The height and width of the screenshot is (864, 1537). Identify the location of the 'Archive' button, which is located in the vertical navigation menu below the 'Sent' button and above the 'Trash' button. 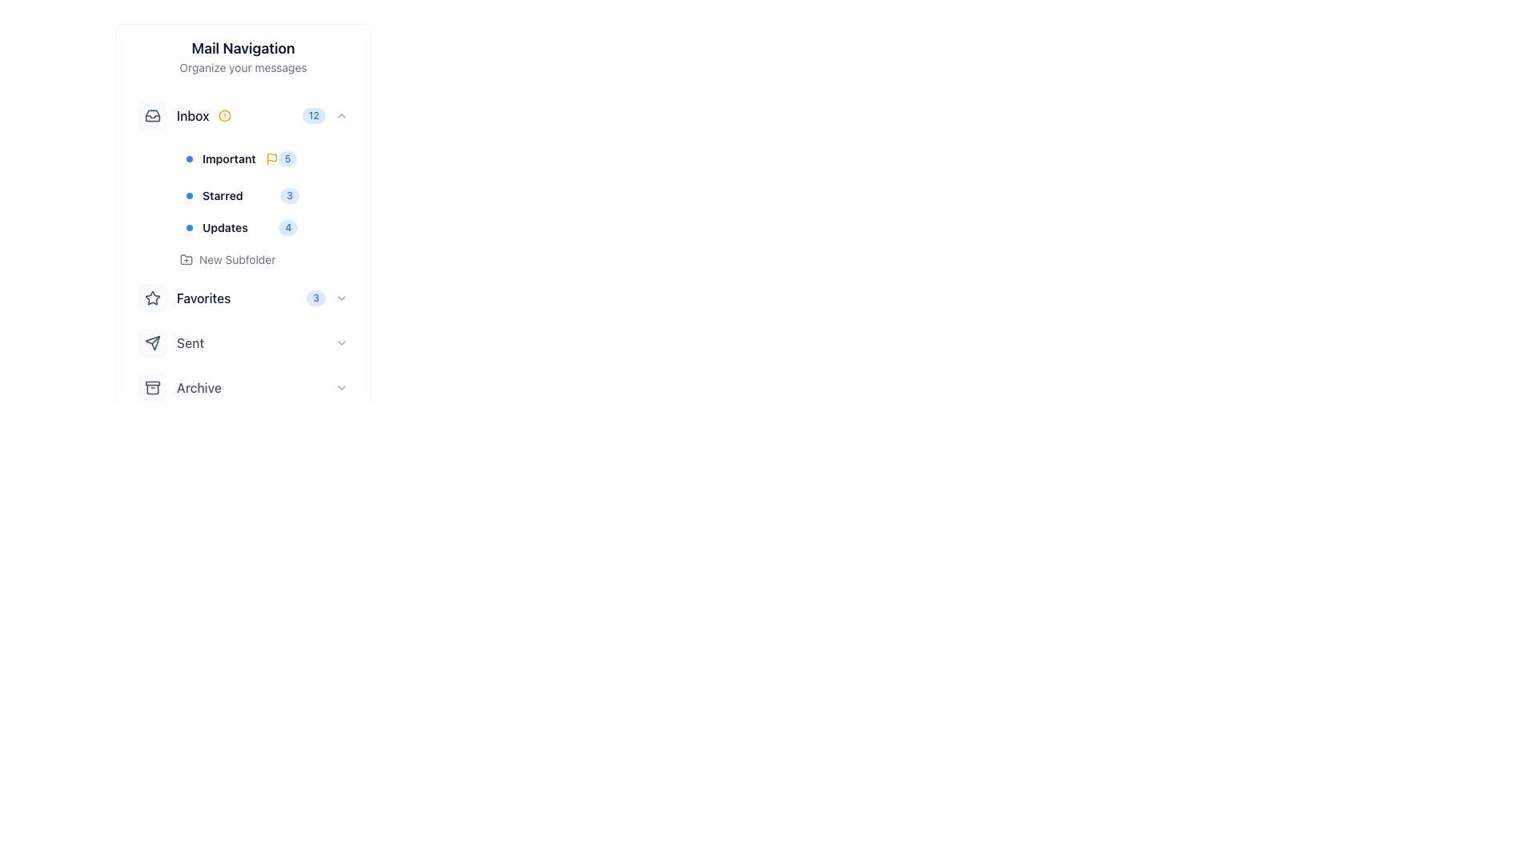
(242, 388).